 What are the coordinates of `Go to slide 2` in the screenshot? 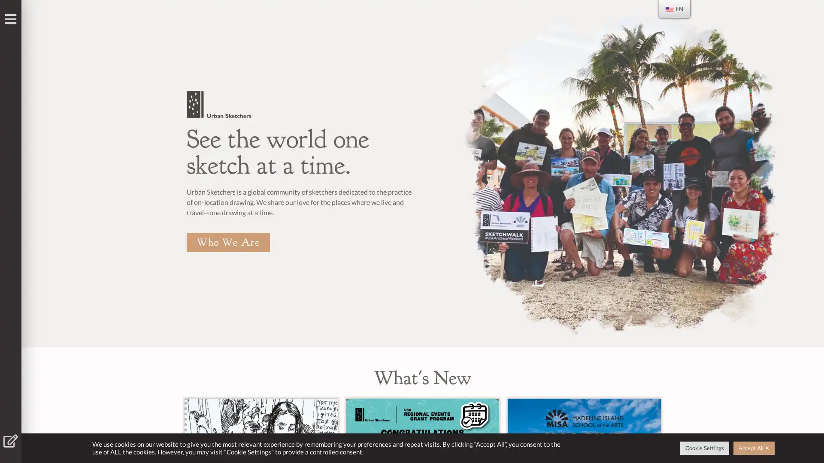 It's located at (627, 329).